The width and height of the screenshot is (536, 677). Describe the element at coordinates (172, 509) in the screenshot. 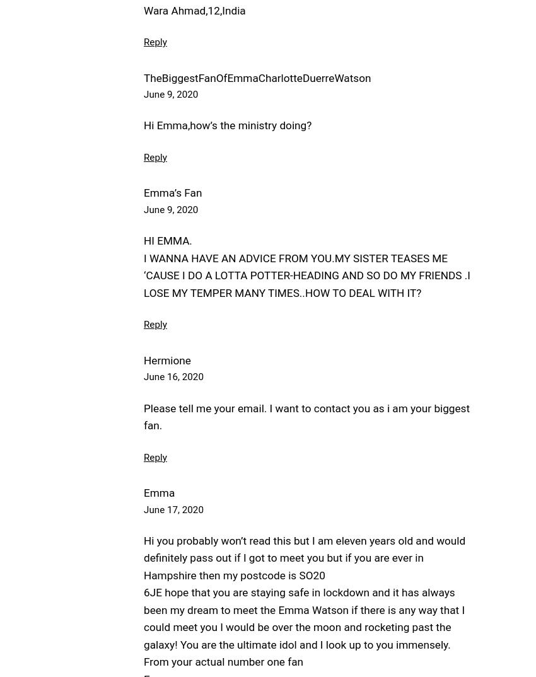

I see `'June 17, 2020'` at that location.